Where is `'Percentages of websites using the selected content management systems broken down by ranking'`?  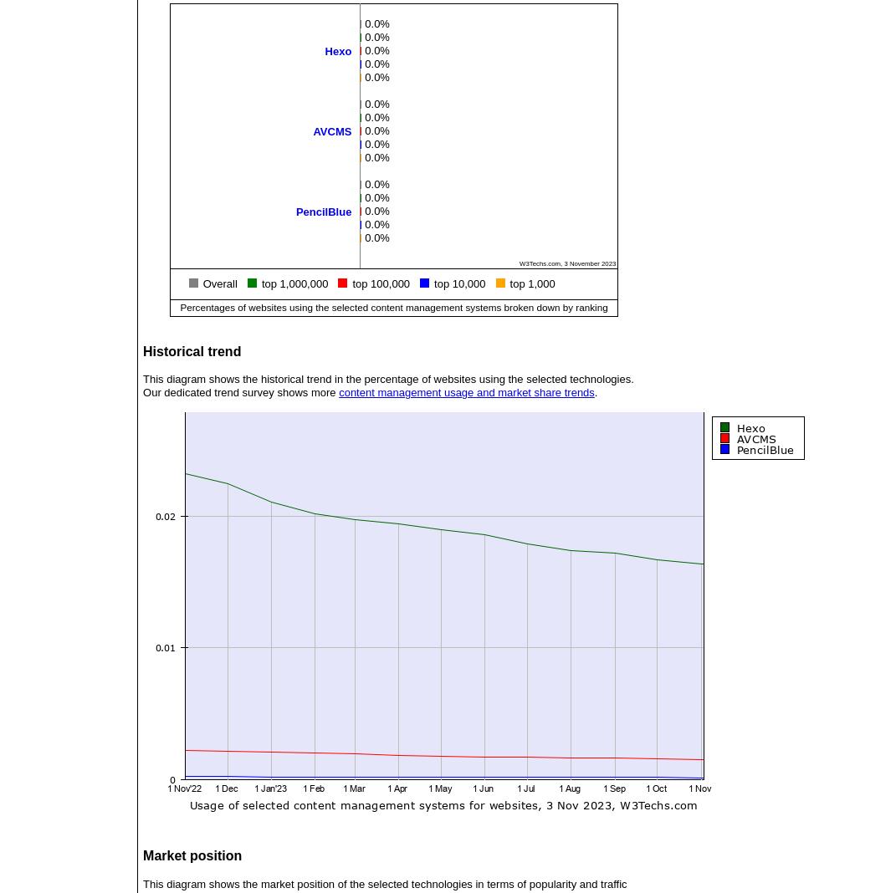
'Percentages of websites using the selected content management systems broken down by ranking' is located at coordinates (392, 305).